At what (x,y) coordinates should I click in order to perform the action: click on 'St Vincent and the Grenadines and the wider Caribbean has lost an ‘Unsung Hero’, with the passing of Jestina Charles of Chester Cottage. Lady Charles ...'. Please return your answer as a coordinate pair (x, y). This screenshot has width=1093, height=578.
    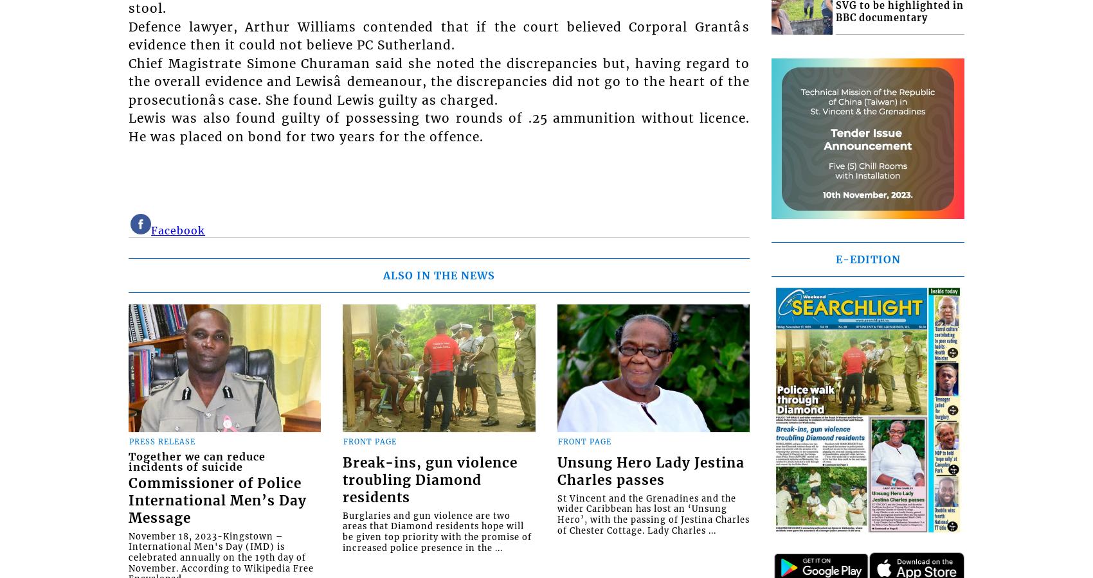
    Looking at the image, I should click on (652, 514).